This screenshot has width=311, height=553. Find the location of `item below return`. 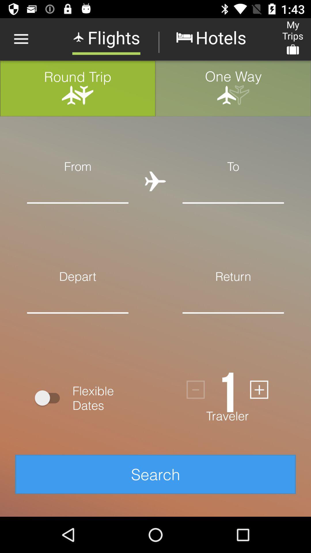

item below return is located at coordinates (233, 298).